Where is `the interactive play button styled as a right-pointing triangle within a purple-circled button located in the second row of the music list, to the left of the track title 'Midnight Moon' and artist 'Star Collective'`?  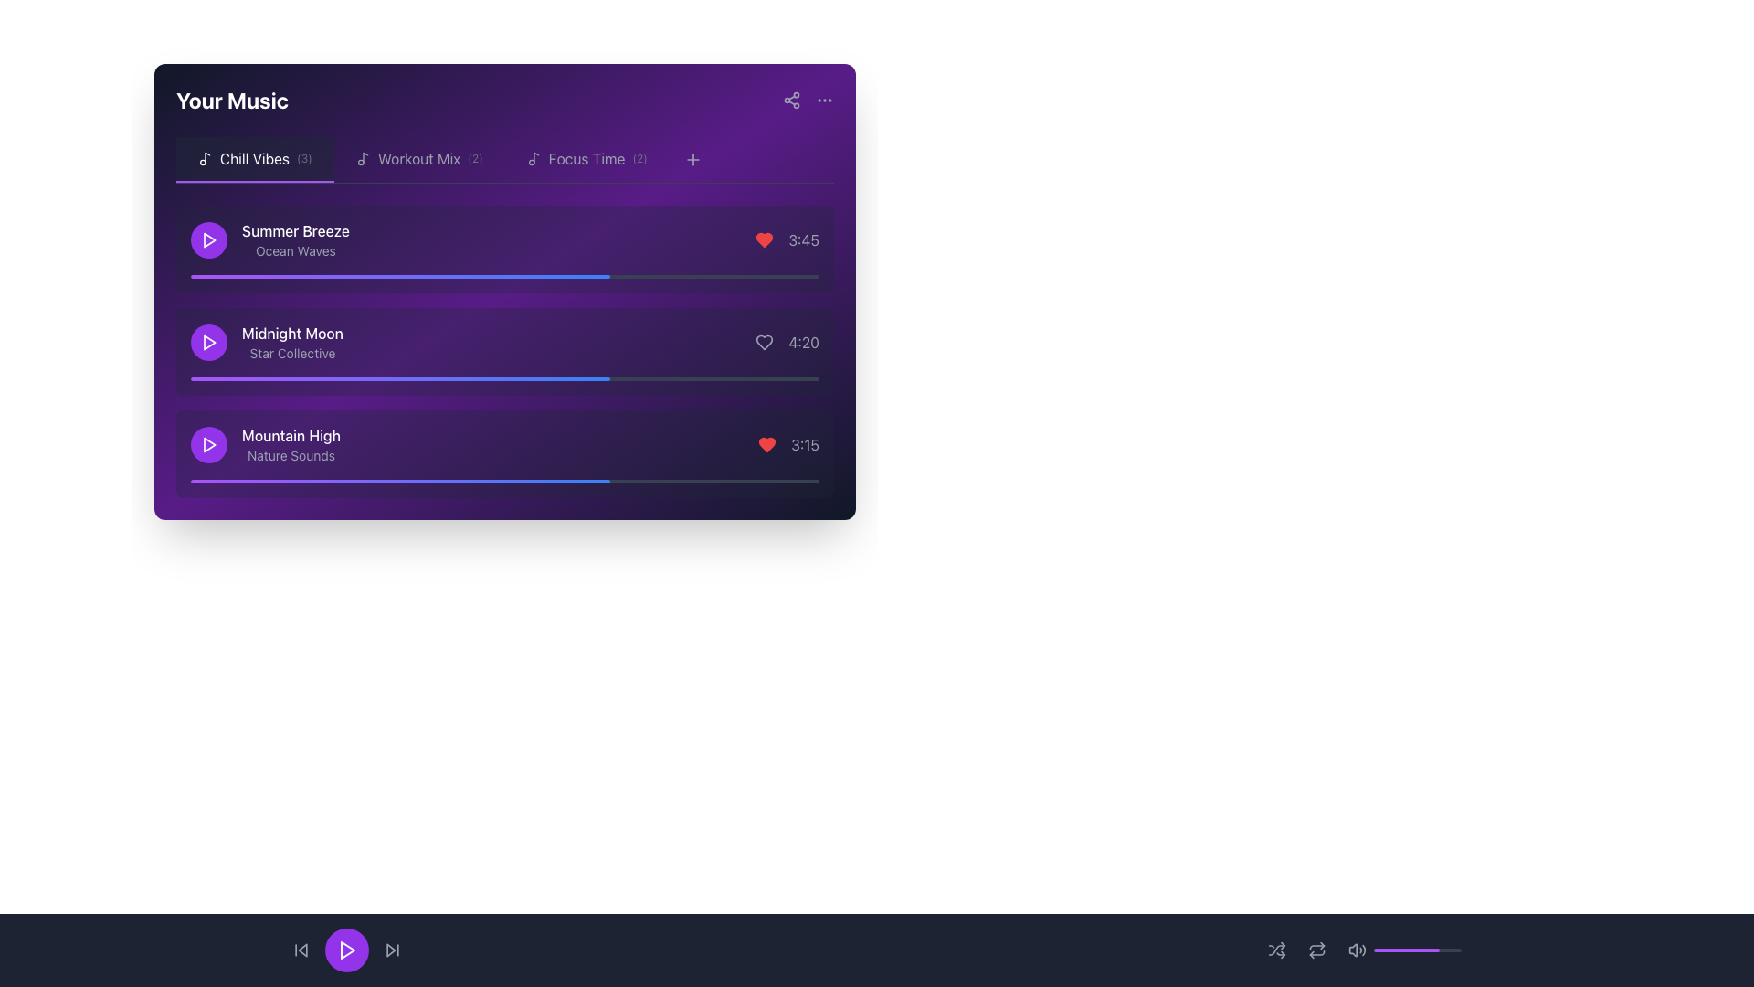
the interactive play button styled as a right-pointing triangle within a purple-circled button located in the second row of the music list, to the left of the track title 'Midnight Moon' and artist 'Star Collective' is located at coordinates (209, 342).